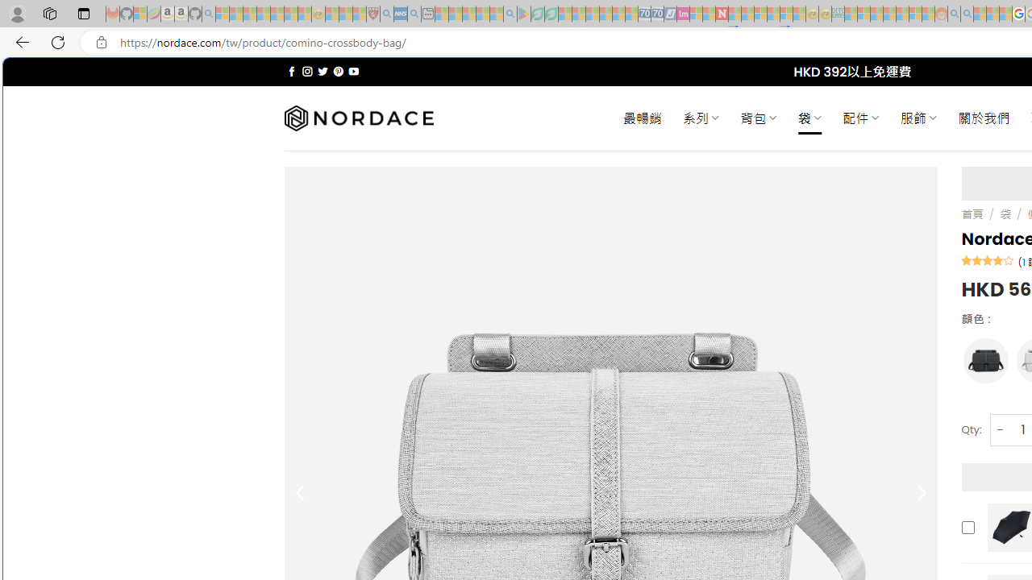 The height and width of the screenshot is (580, 1032). What do you see at coordinates (372, 14) in the screenshot?
I see `'Robert H. Shmerling, MD - Harvard Health - Sleeping'` at bounding box center [372, 14].